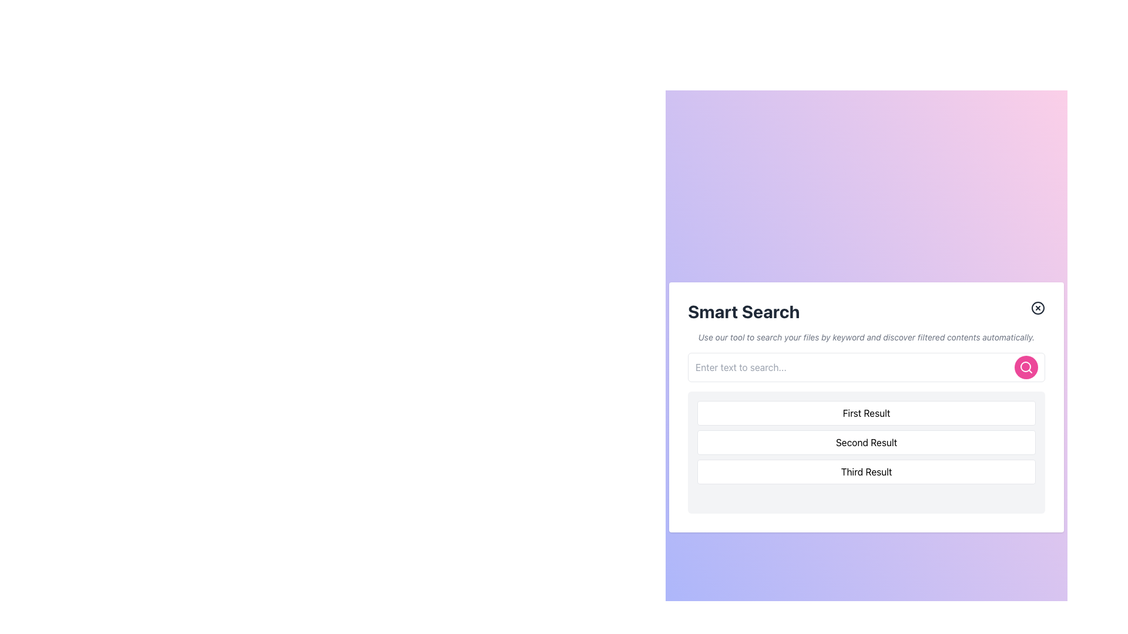  I want to click on the 'First Result' list item, which is styled with a white background and rounded corners, positioned above the 'Second Result' and 'Third Result' elements in a vertical list, so click(866, 413).